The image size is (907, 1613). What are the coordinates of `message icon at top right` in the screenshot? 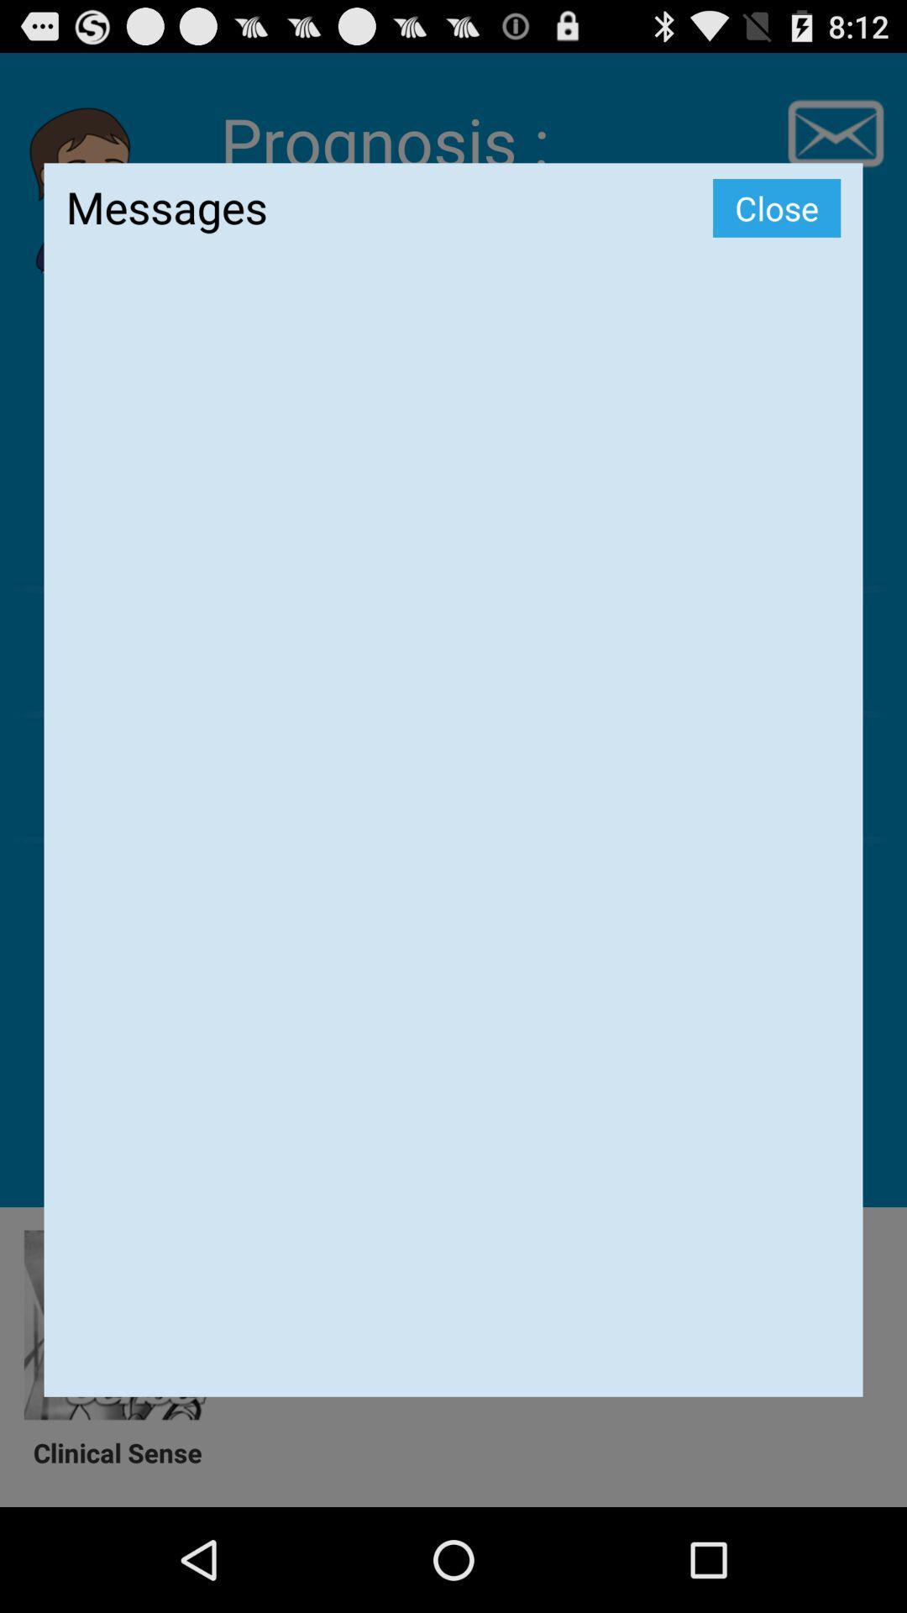 It's located at (835, 133).